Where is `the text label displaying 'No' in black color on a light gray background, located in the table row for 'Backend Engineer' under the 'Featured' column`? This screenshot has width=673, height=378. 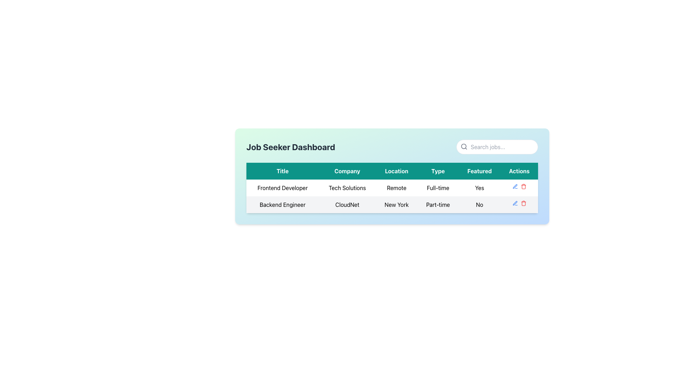
the text label displaying 'No' in black color on a light gray background, located in the table row for 'Backend Engineer' under the 'Featured' column is located at coordinates (479, 205).